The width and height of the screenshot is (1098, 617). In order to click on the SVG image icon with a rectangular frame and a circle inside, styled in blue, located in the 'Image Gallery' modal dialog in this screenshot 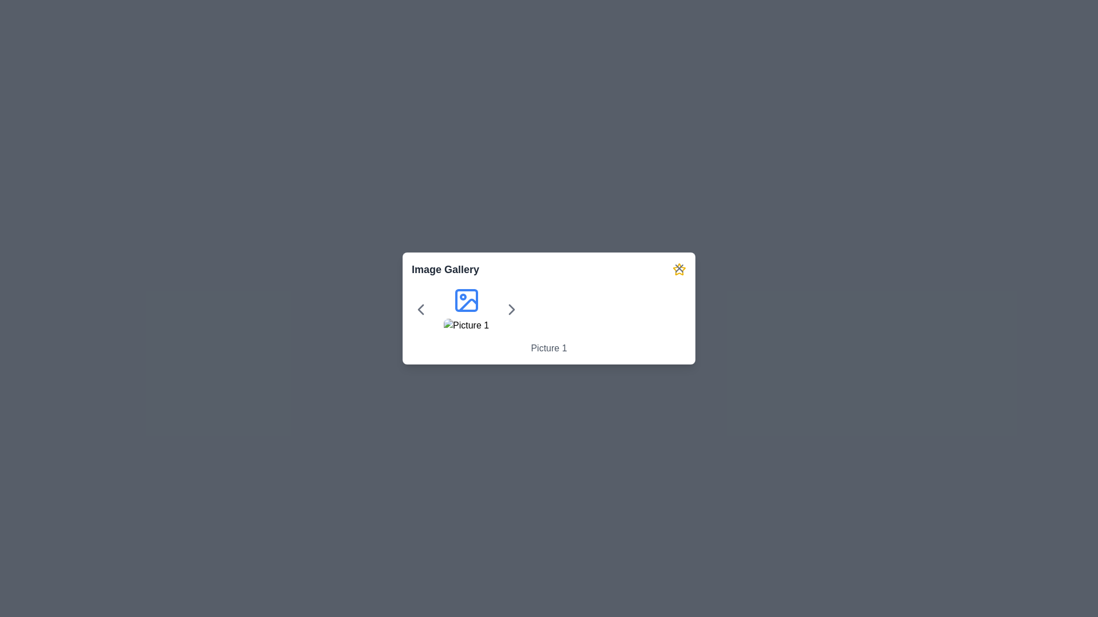, I will do `click(466, 299)`.